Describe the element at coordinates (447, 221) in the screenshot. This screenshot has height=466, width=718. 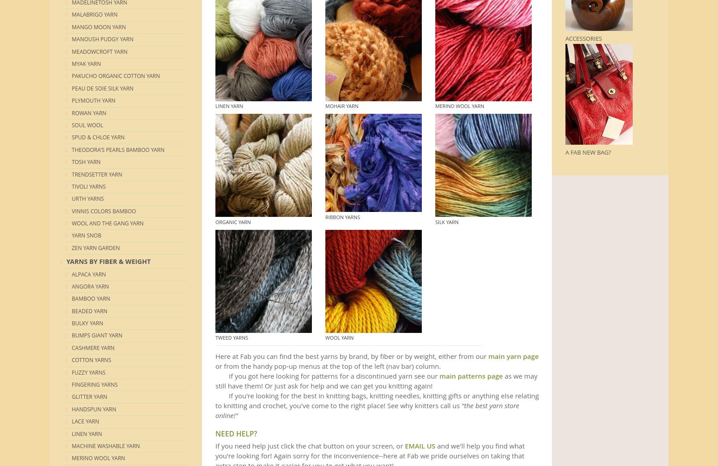
I see `'SILK  YARN'` at that location.